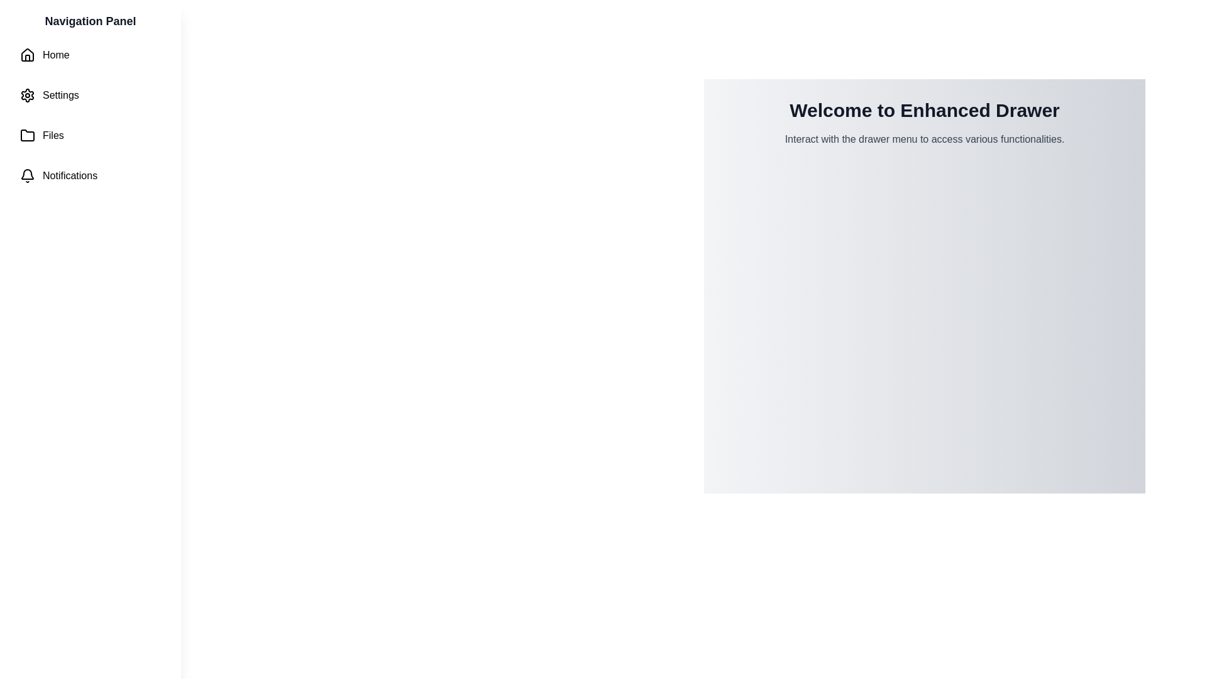 The image size is (1207, 679). What do you see at coordinates (27, 176) in the screenshot?
I see `the bell icon located in the navigation menu next to the 'Notifications' label` at bounding box center [27, 176].